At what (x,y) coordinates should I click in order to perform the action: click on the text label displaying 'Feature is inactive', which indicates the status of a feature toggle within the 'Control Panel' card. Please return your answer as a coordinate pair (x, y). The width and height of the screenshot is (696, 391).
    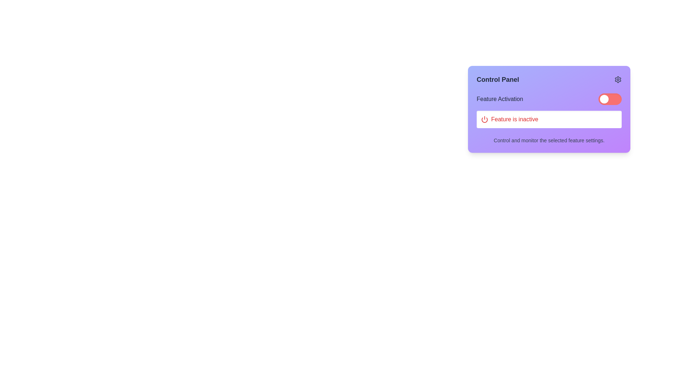
    Looking at the image, I should click on (549, 110).